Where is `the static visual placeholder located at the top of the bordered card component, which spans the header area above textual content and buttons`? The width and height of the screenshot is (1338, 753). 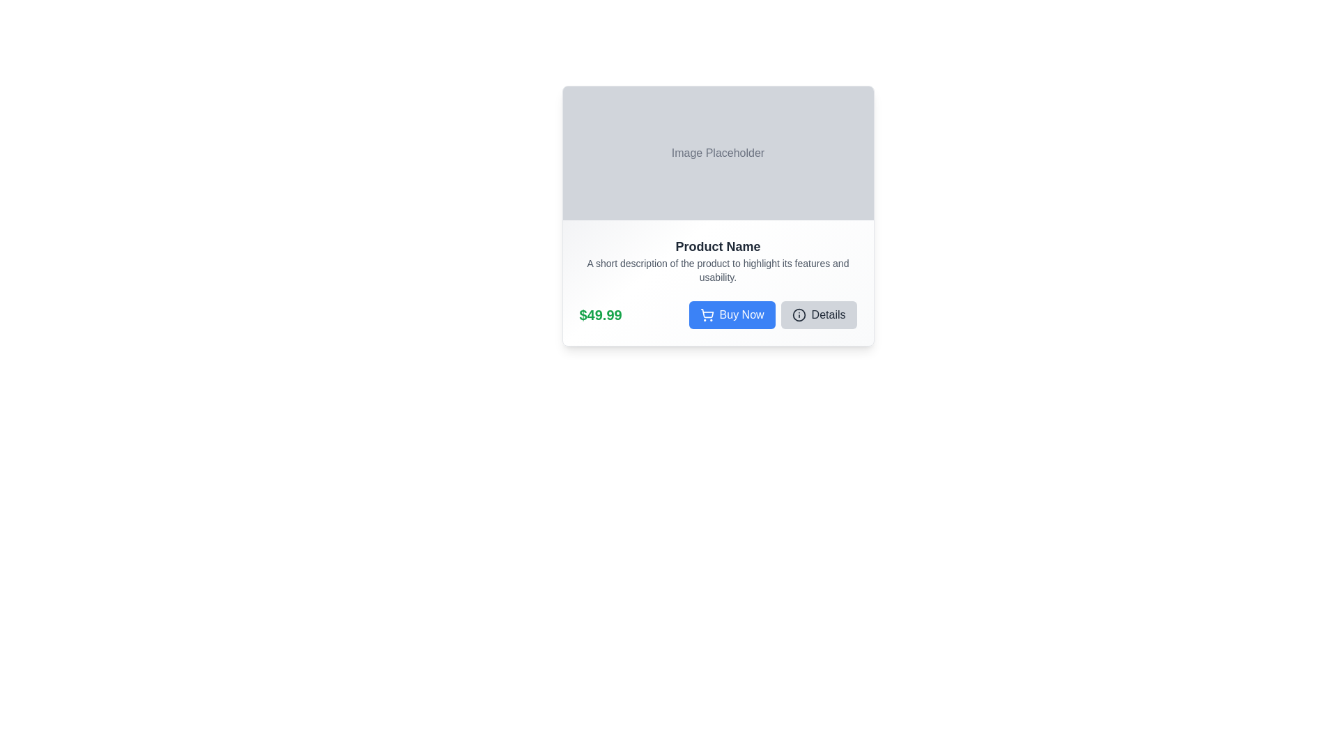
the static visual placeholder located at the top of the bordered card component, which spans the header area above textual content and buttons is located at coordinates (718, 153).